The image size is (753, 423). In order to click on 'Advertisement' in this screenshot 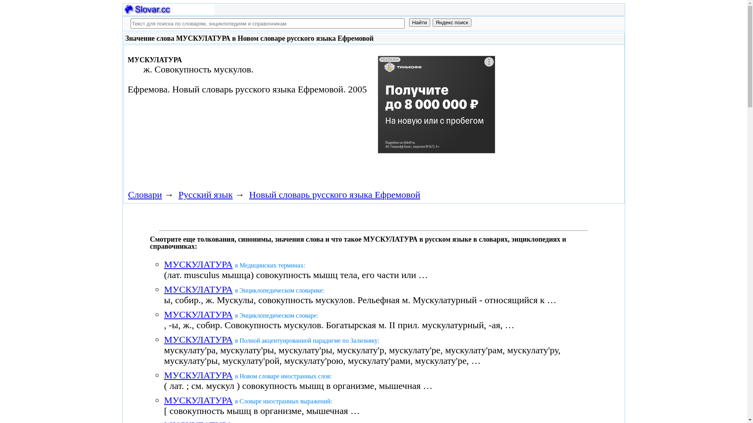, I will do `click(436, 110)`.